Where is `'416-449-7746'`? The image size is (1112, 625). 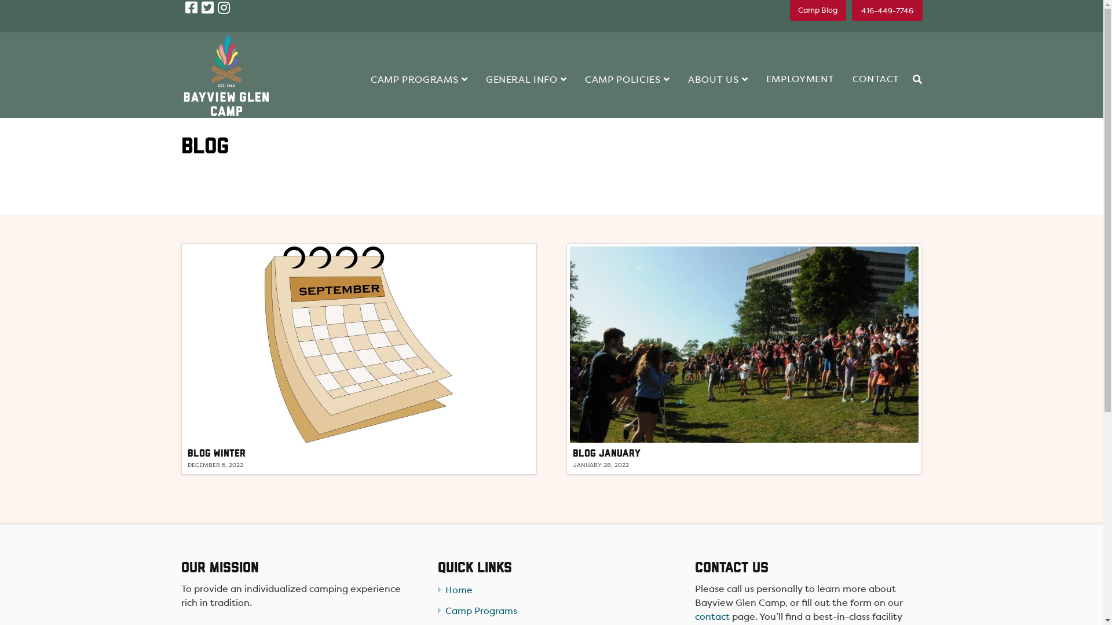
'416-449-7746' is located at coordinates (851, 10).